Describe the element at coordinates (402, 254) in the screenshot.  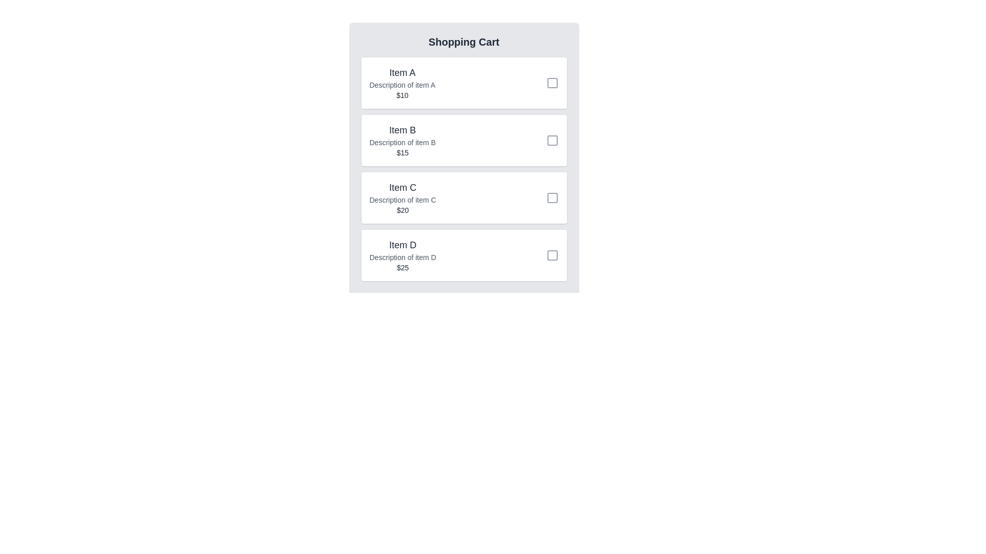
I see `the textual content display element located in the lower section of the fourth card, which provides information about a specific item, positioned below the 'Item C' card` at that location.